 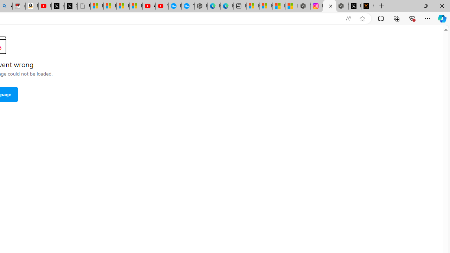 What do you see at coordinates (188, 6) in the screenshot?
I see `'The most popular Google '` at bounding box center [188, 6].